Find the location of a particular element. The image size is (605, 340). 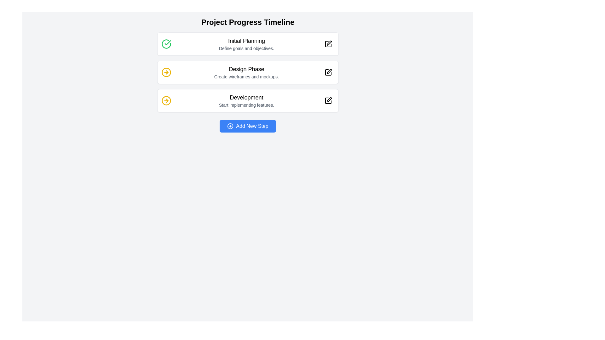

the completion indicator icon located on the left side of the 'Initial Planning' card in the 'Project Progress Timeline' section to check its state indication is located at coordinates (166, 43).